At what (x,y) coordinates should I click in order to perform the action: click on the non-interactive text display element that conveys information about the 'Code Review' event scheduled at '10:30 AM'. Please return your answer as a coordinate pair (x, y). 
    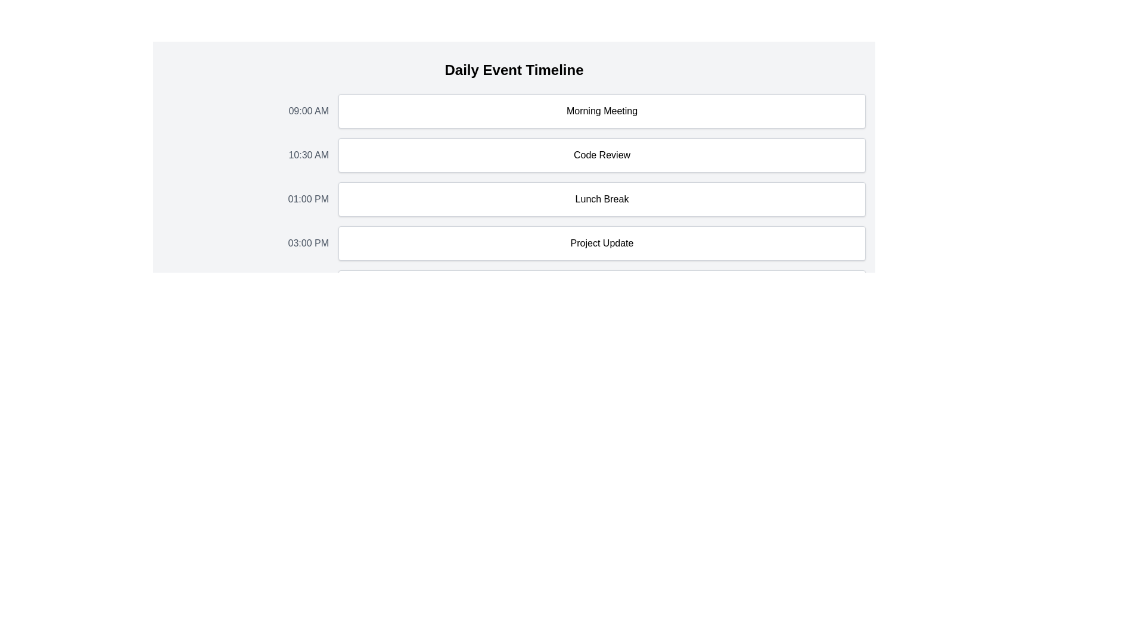
    Looking at the image, I should click on (602, 155).